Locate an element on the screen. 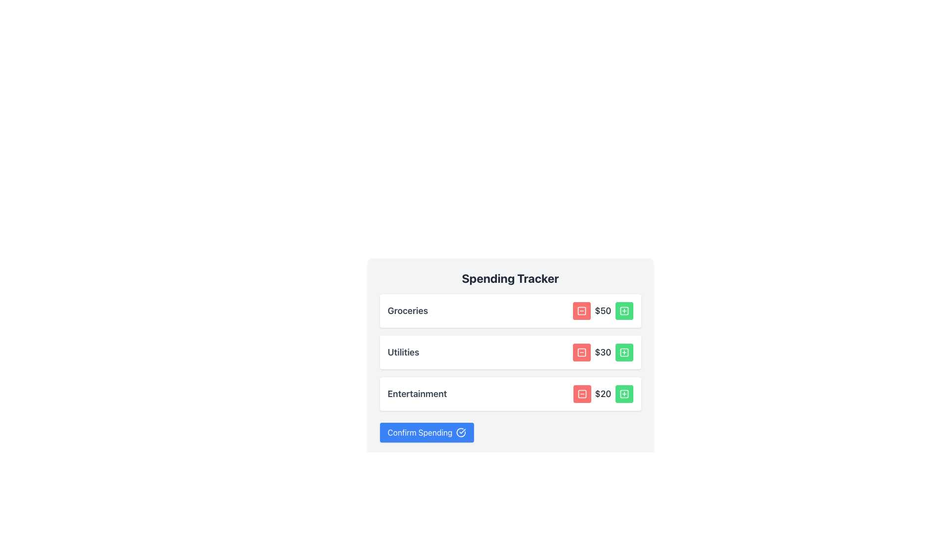 The image size is (950, 534). the text label displaying the current value for the 'Utilities' category in the spending tracker interface is located at coordinates (602, 352).